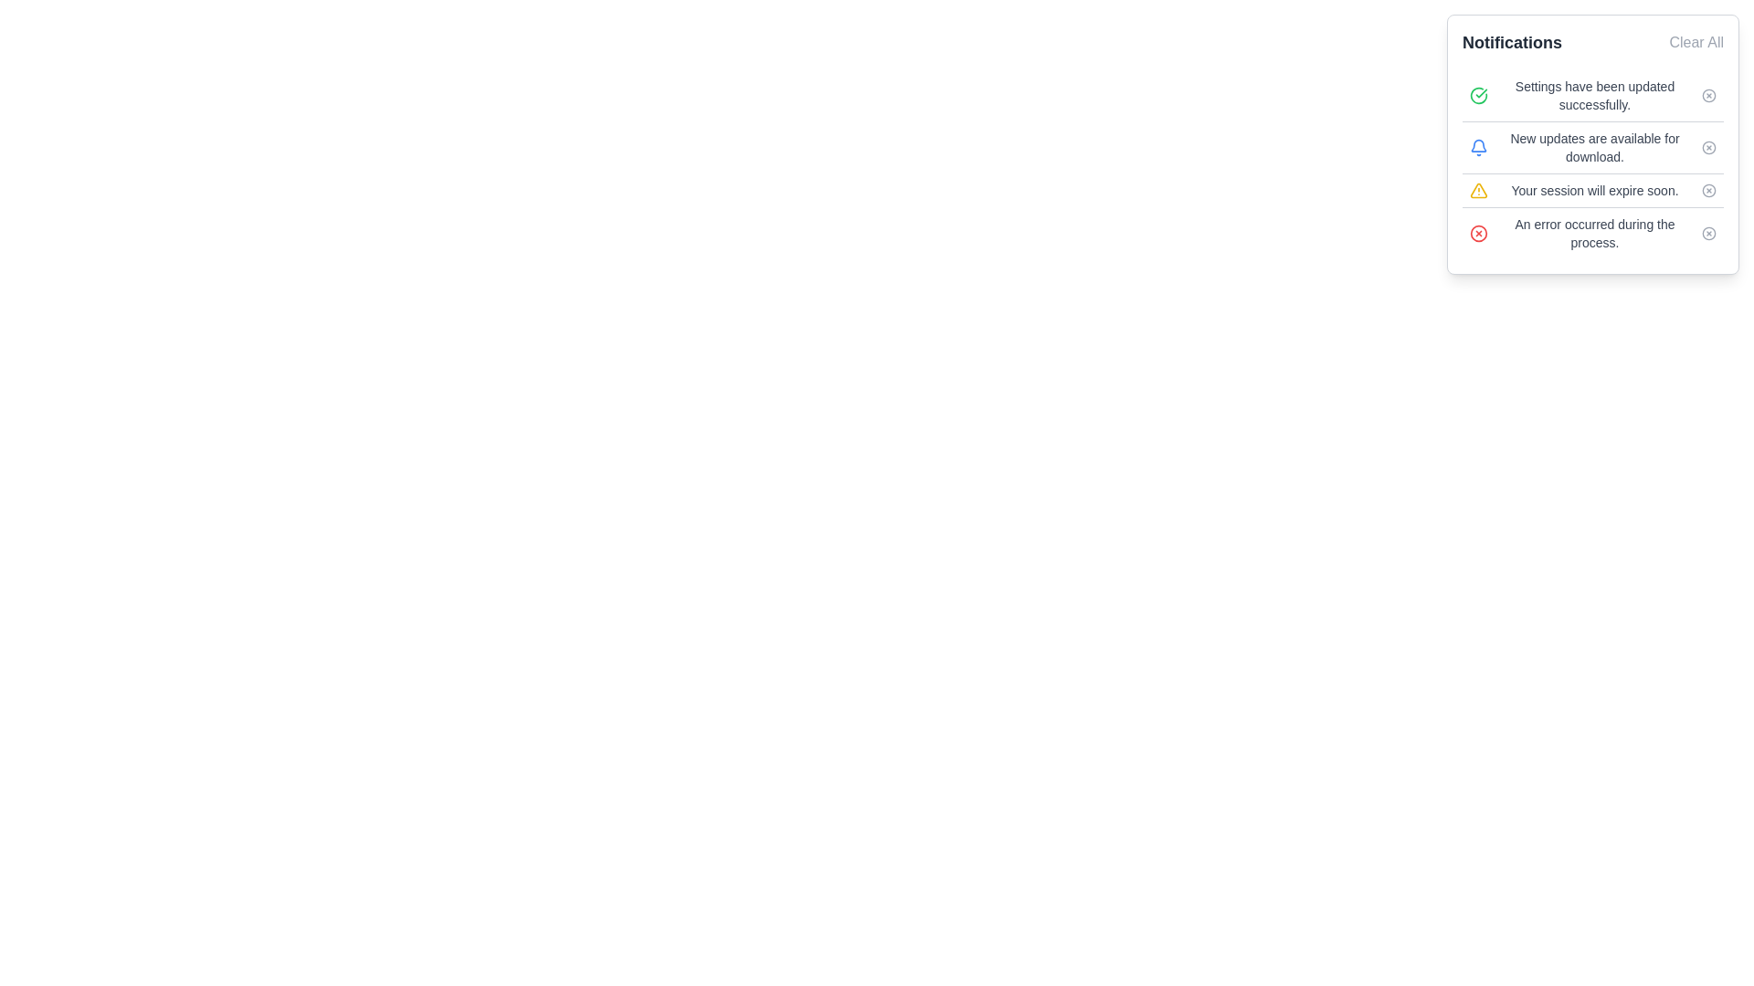 The width and height of the screenshot is (1754, 986). I want to click on the close button located at the far right of the last notification message that states 'An error occurred during the process.', so click(1708, 232).